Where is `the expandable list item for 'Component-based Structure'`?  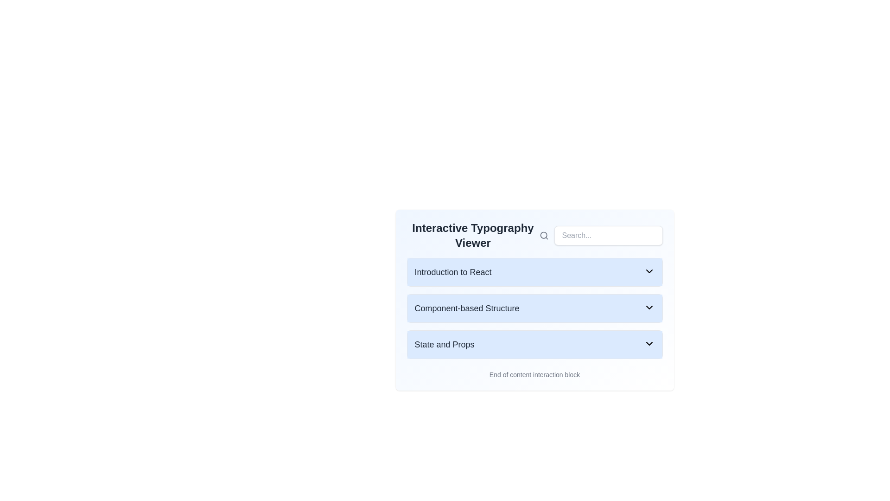
the expandable list item for 'Component-based Structure' is located at coordinates (534, 308).